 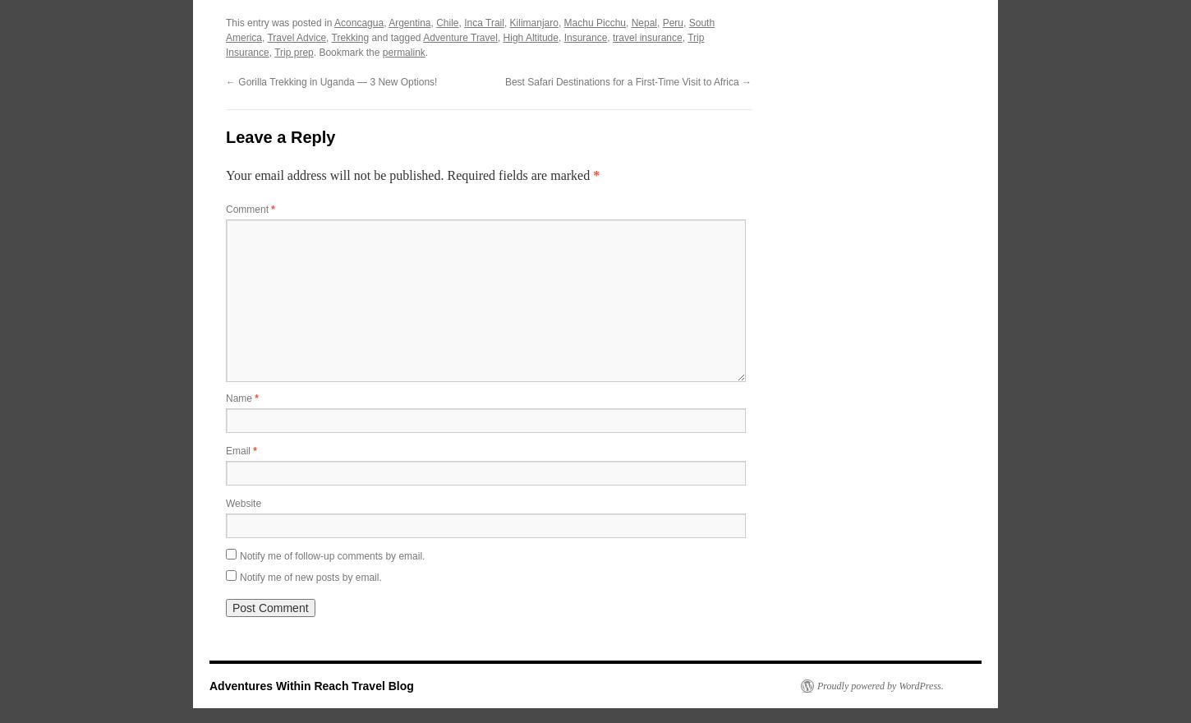 What do you see at coordinates (425, 52) in the screenshot?
I see `'.'` at bounding box center [425, 52].